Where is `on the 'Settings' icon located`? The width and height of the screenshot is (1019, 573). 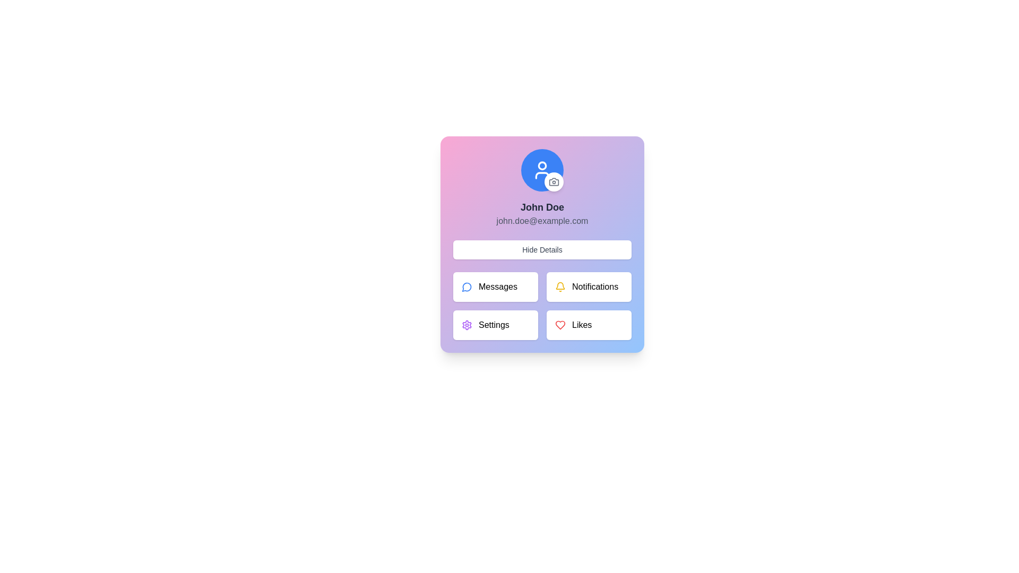 on the 'Settings' icon located is located at coordinates (467, 325).